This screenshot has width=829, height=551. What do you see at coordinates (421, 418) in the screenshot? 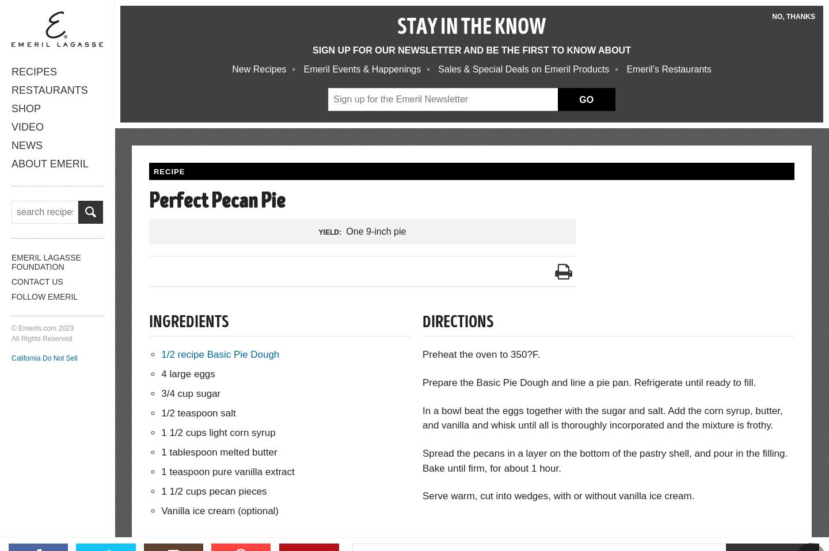
I see `'In a bowl beat the eggs together with the sugar and salt. Add the corn syrup, butter, and vanilla and whisk until all is thoroughly incorporated and the mixture is frothy.'` at bounding box center [421, 418].